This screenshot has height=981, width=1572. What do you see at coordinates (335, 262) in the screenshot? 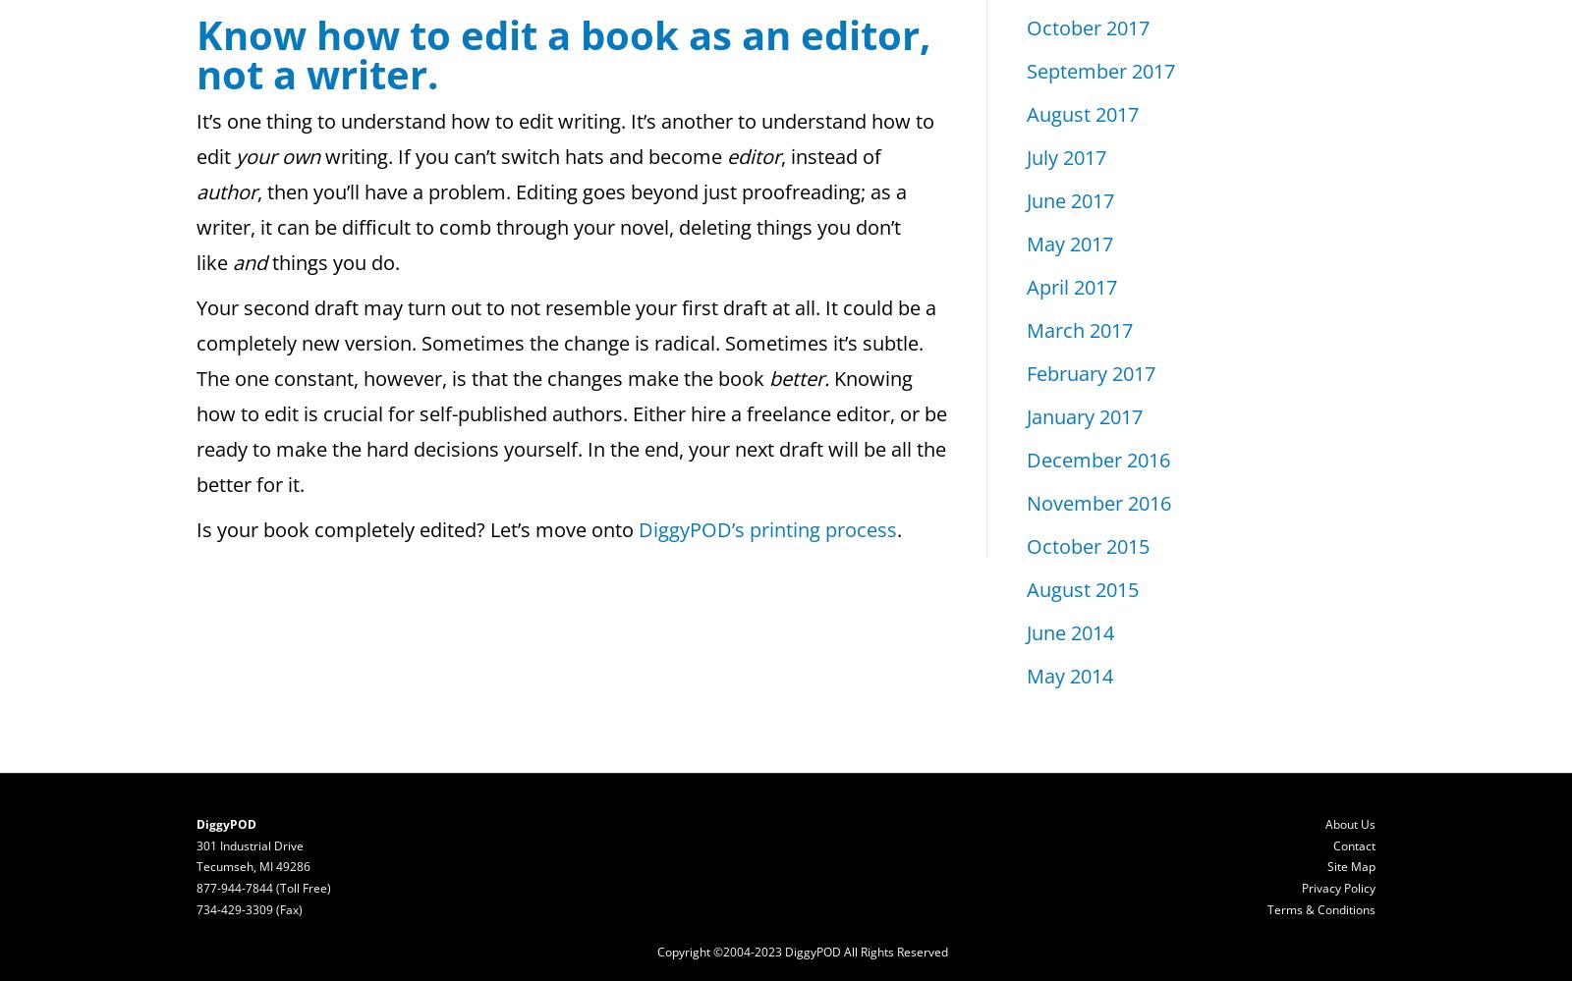
I see `'things you do.'` at bounding box center [335, 262].